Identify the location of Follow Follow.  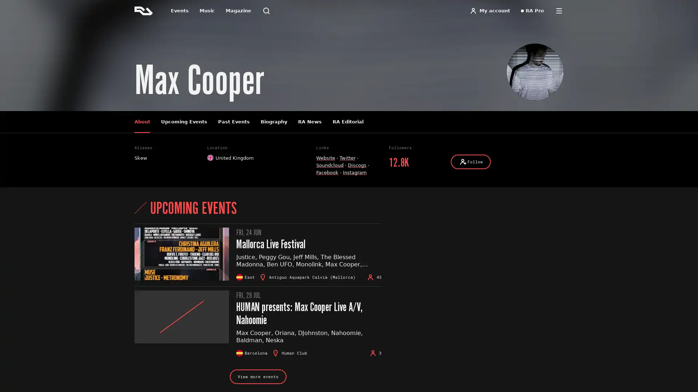
(471, 161).